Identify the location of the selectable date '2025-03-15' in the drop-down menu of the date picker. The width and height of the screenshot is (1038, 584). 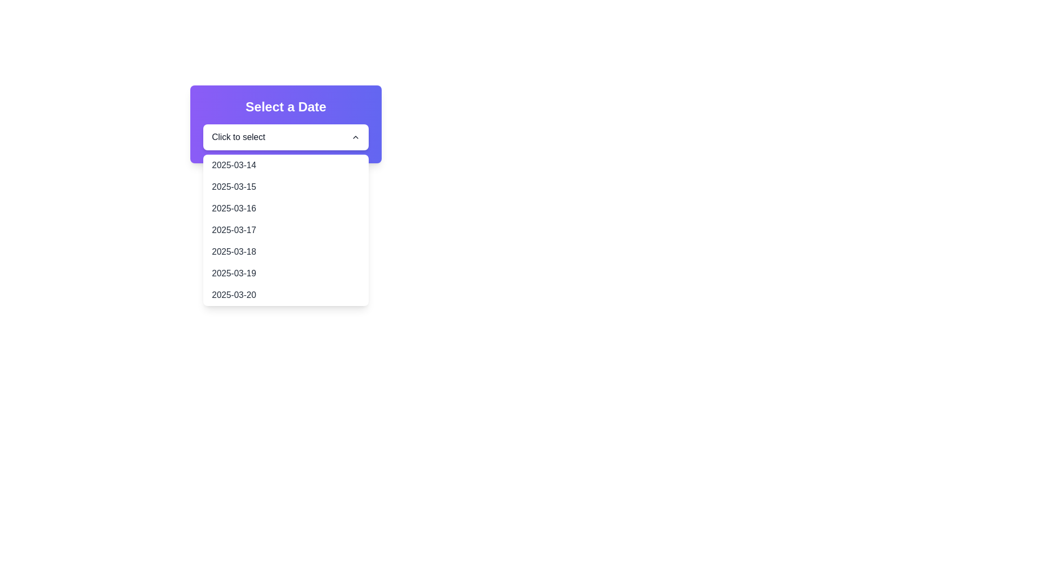
(233, 187).